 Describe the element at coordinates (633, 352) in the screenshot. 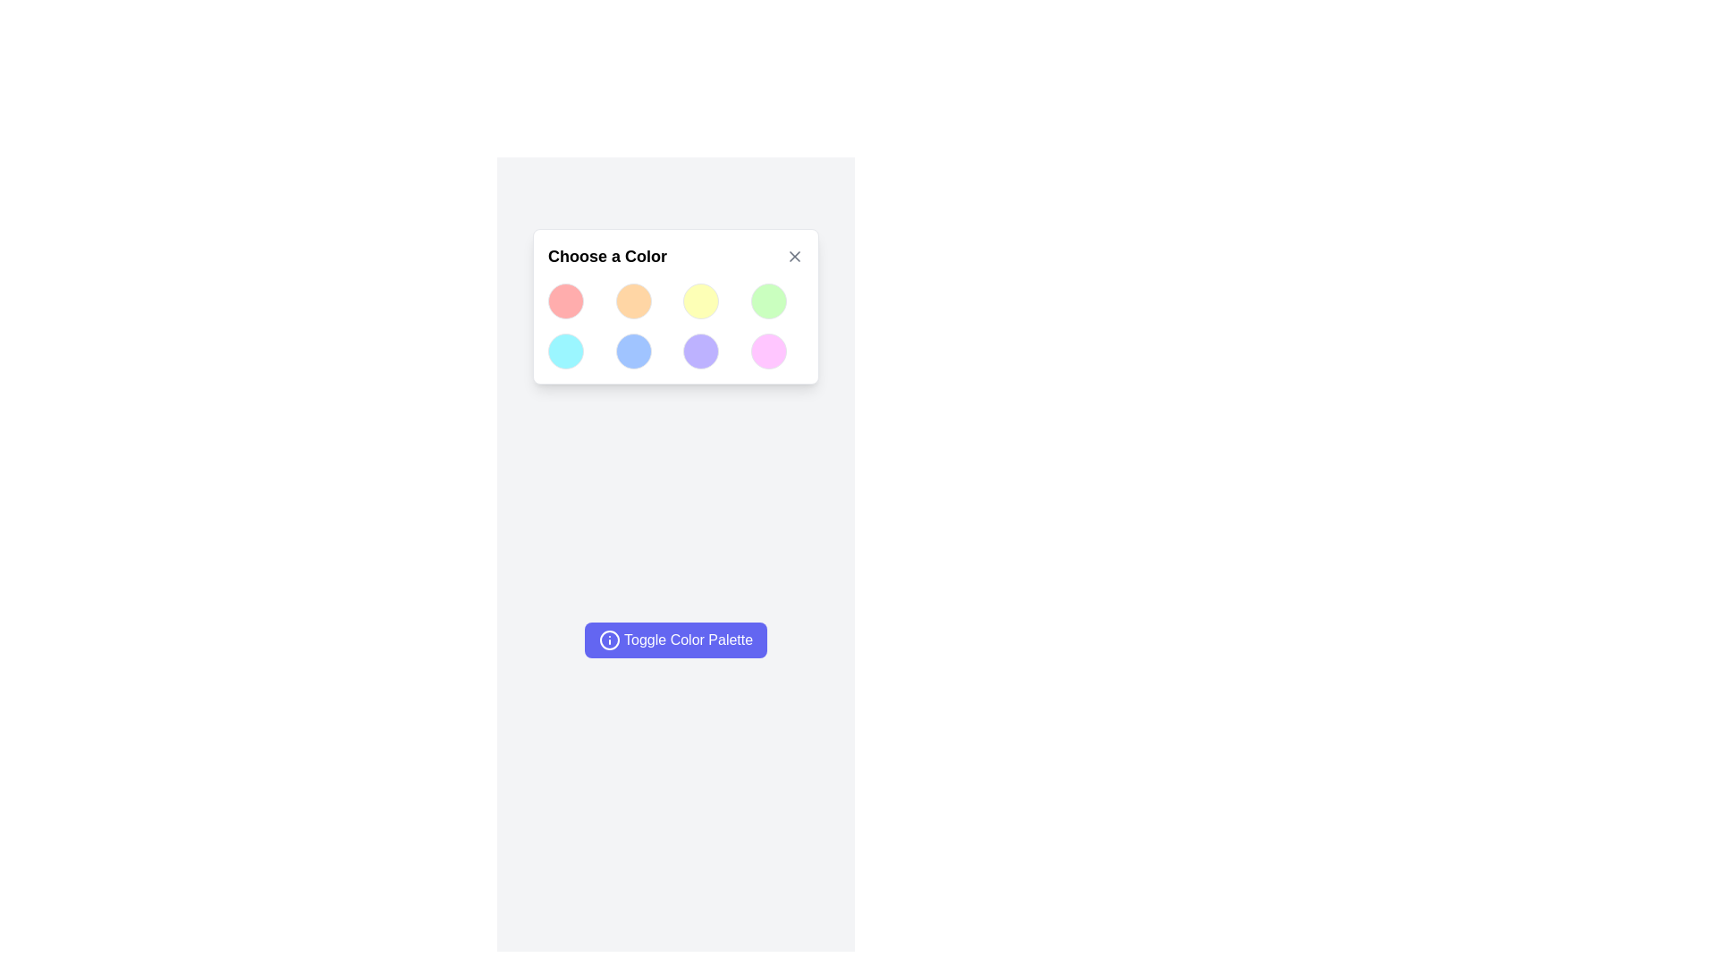

I see `the circular light blue button in the second row, second column of the color palette selection interface` at that location.